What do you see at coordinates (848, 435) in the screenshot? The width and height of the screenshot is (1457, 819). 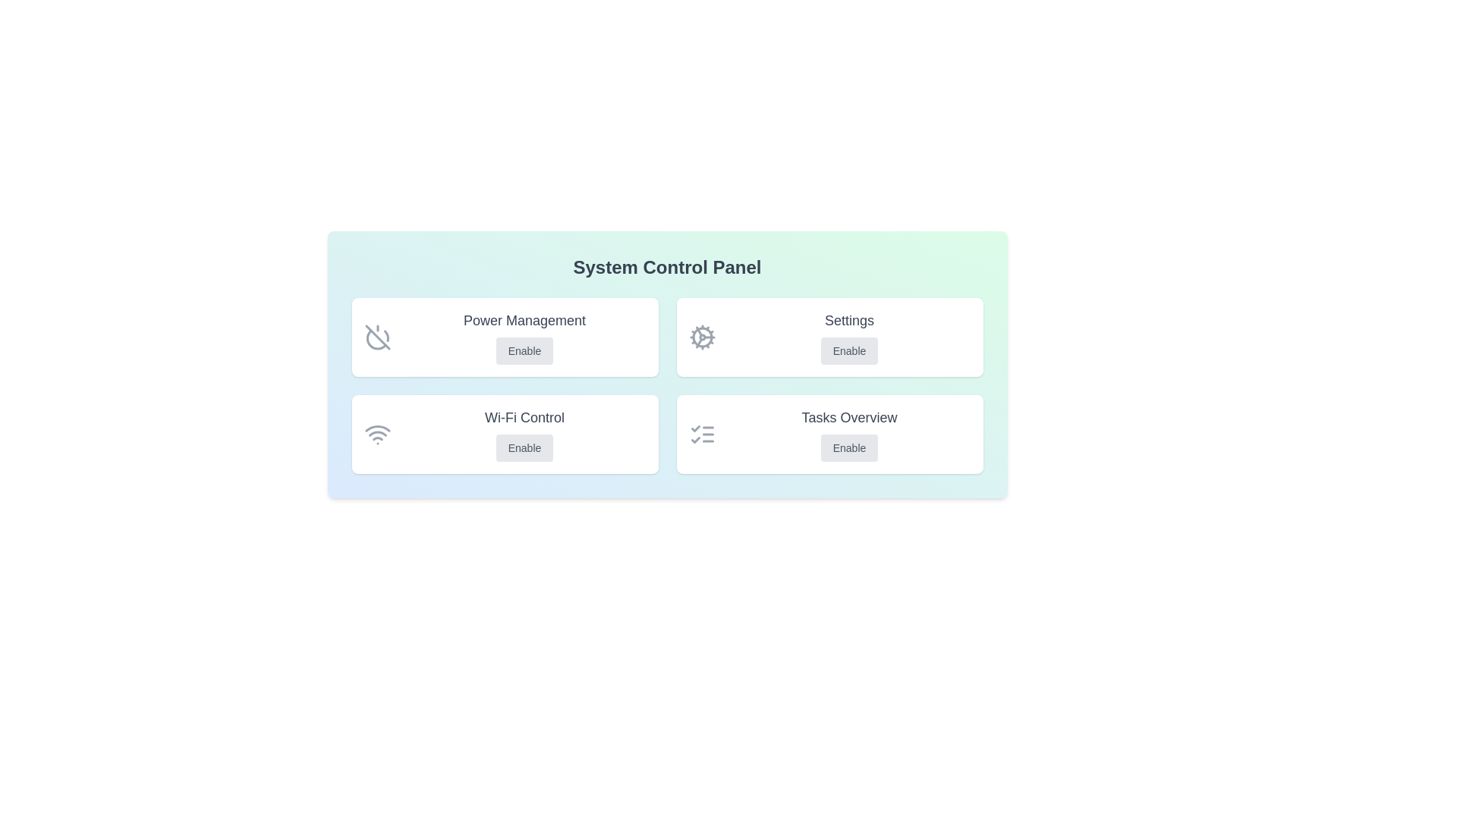 I see `text within the control card labeled 'Tasks Overview' located in the bottom-right section of the 'System Control Panel'` at bounding box center [848, 435].